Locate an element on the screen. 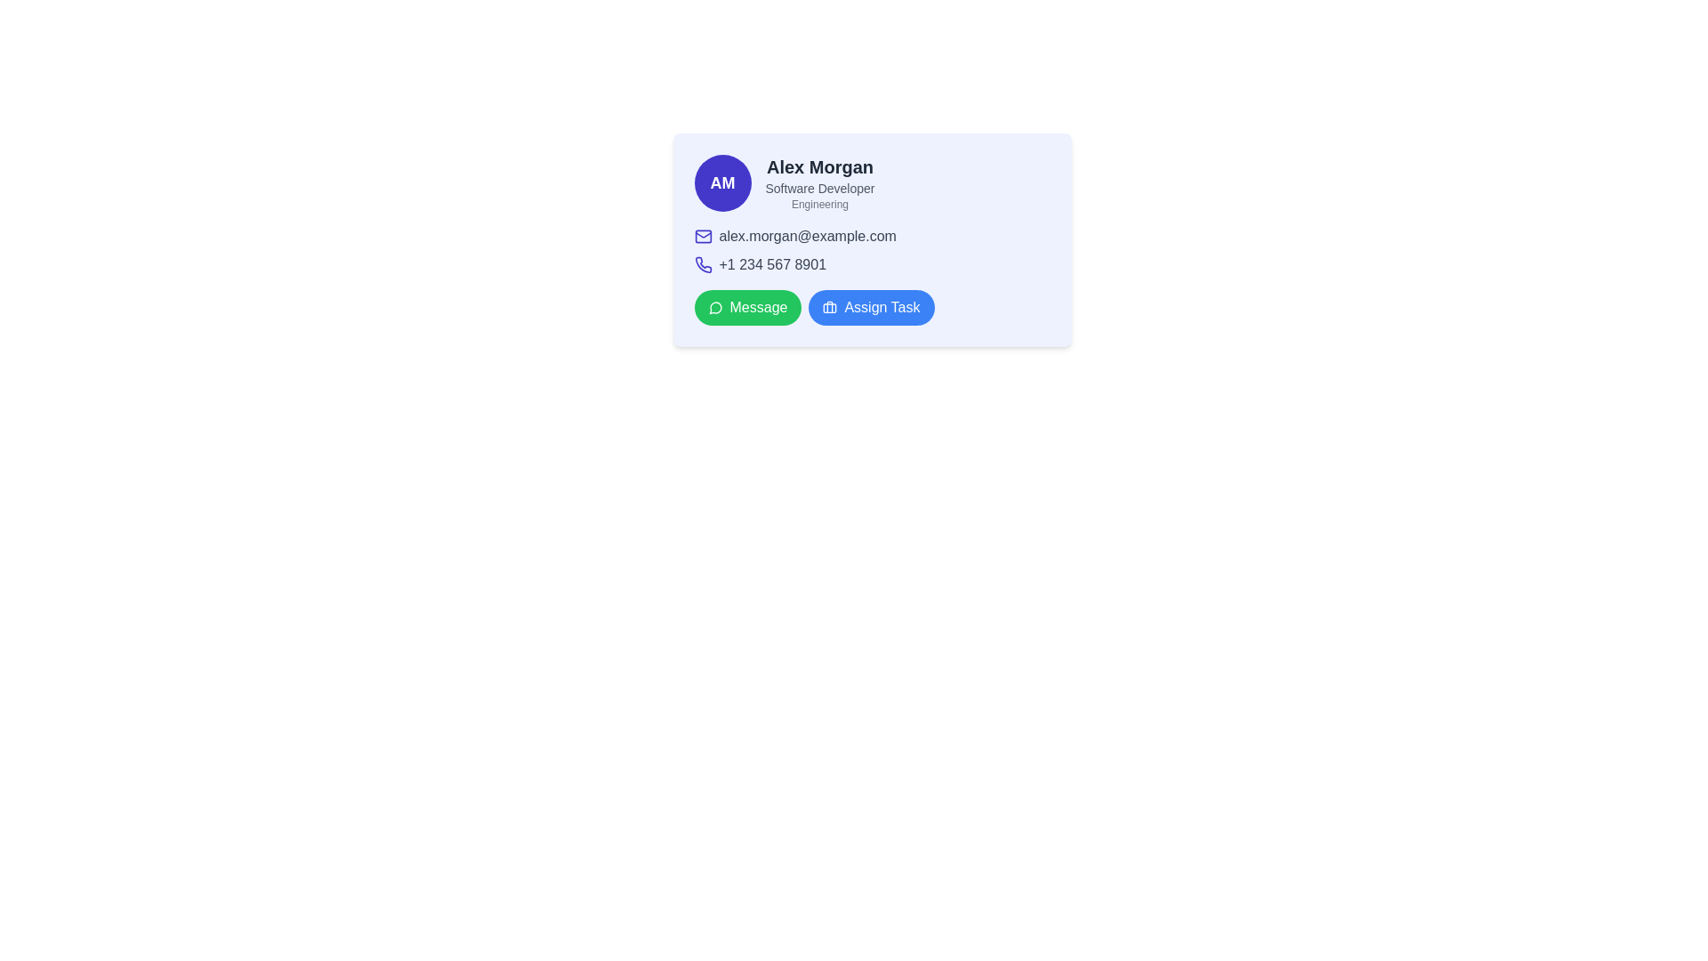 This screenshot has width=1708, height=961. the Static Text Label displaying the job title of user Alex Morgan, located between the name and the text 'Engineering' is located at coordinates (818, 189).